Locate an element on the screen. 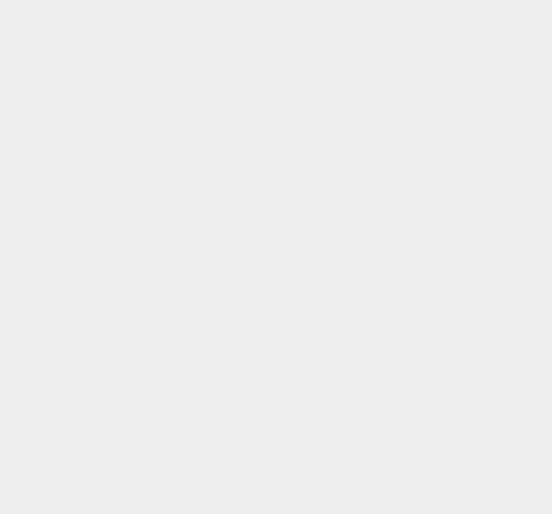 The image size is (552, 514). 'Doodle' is located at coordinates (400, 437).